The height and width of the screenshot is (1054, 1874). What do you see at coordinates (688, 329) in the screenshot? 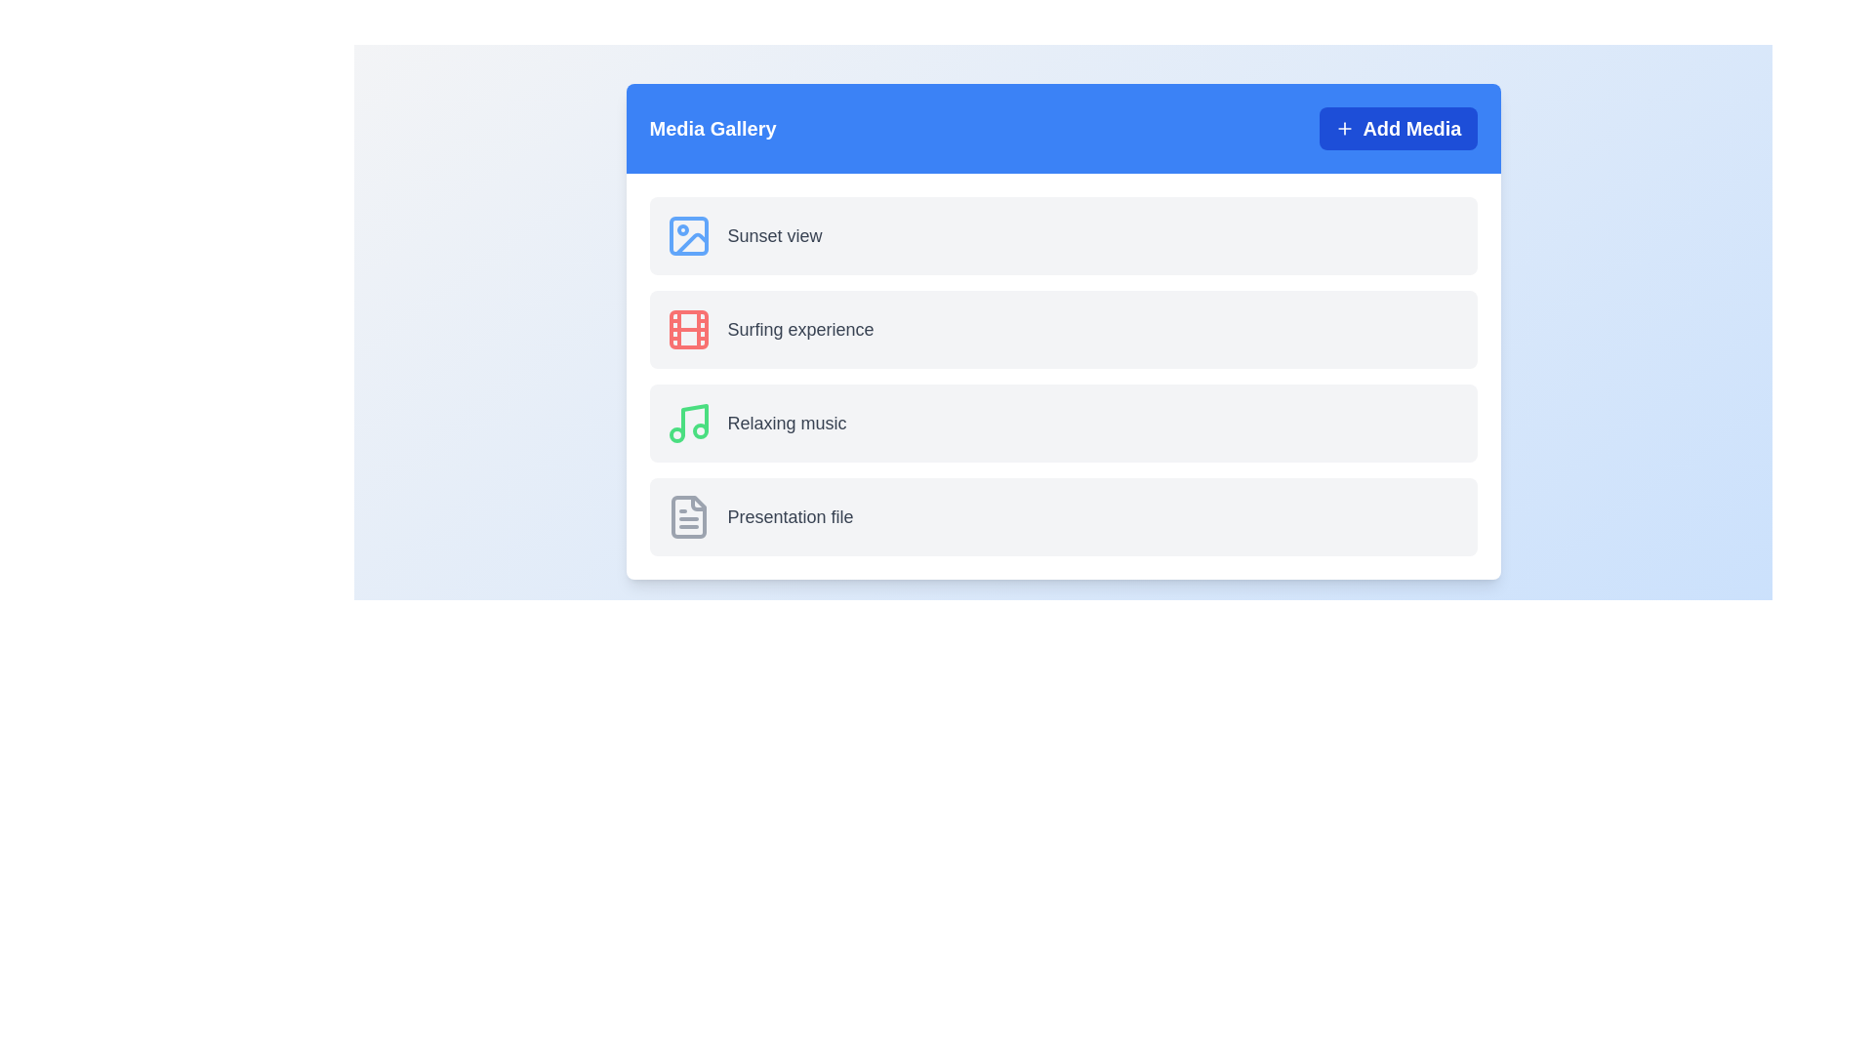
I see `the red-colored filmstrip icon located to the left of the text 'Surfing experience'` at bounding box center [688, 329].